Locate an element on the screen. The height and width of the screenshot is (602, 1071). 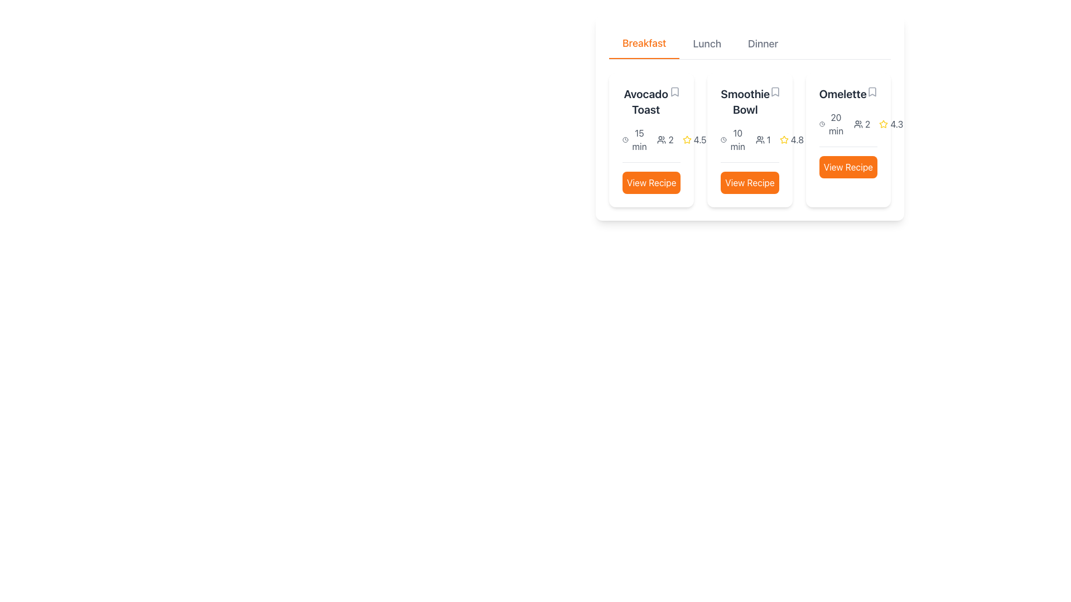
displayed text from the text label that conveys a numerical detail related to the nearby user icon, positioned to the right of it in the middle area of the second recipe card is located at coordinates (768, 139).